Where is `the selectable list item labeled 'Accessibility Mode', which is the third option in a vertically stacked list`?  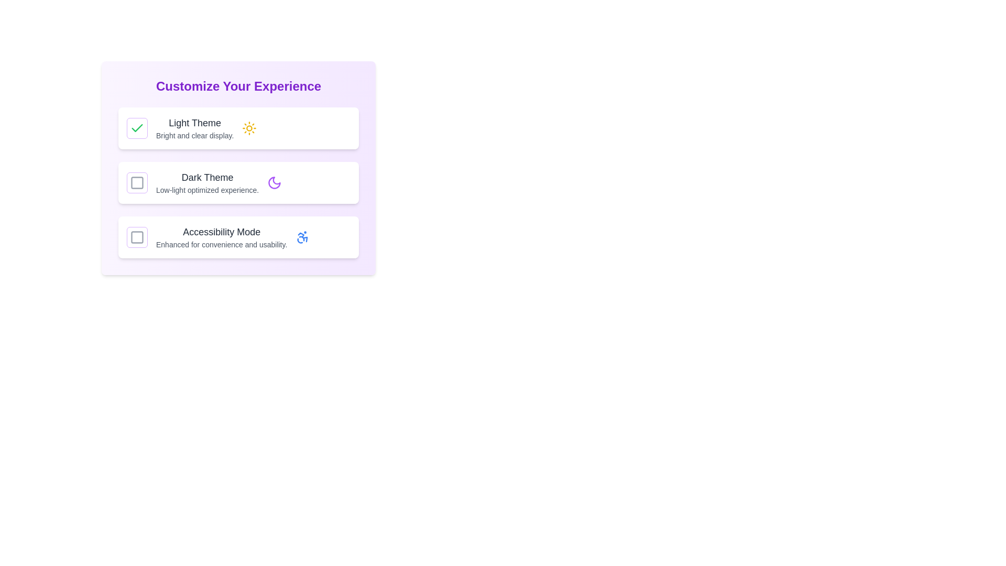 the selectable list item labeled 'Accessibility Mode', which is the third option in a vertically stacked list is located at coordinates (238, 237).